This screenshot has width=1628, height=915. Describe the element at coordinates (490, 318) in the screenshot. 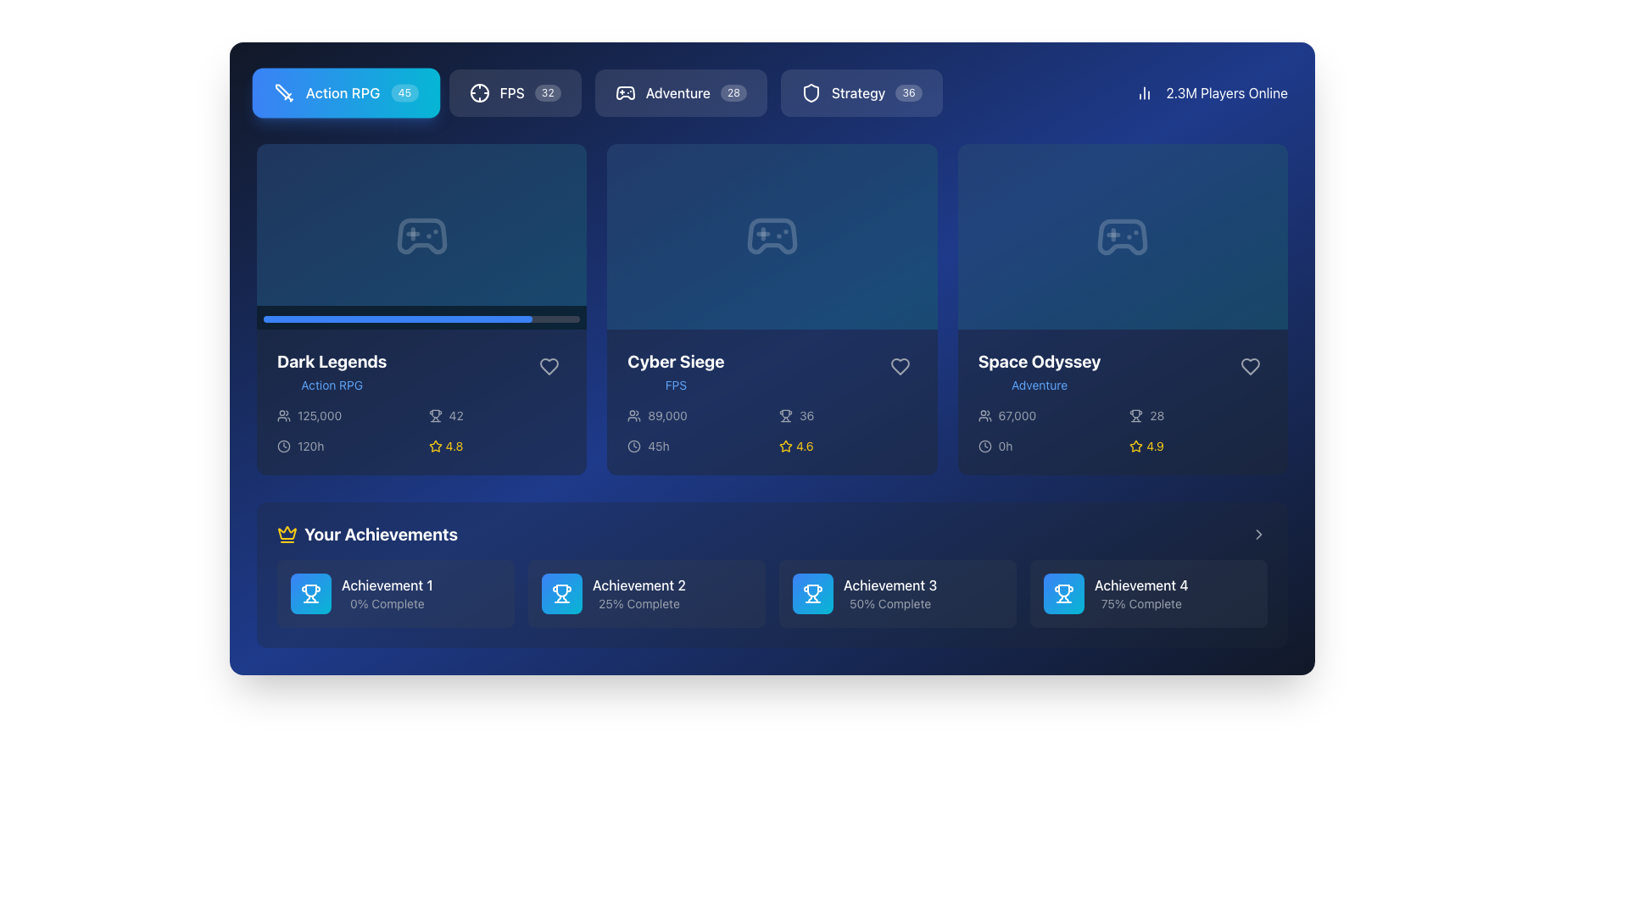

I see `the progress bar` at that location.